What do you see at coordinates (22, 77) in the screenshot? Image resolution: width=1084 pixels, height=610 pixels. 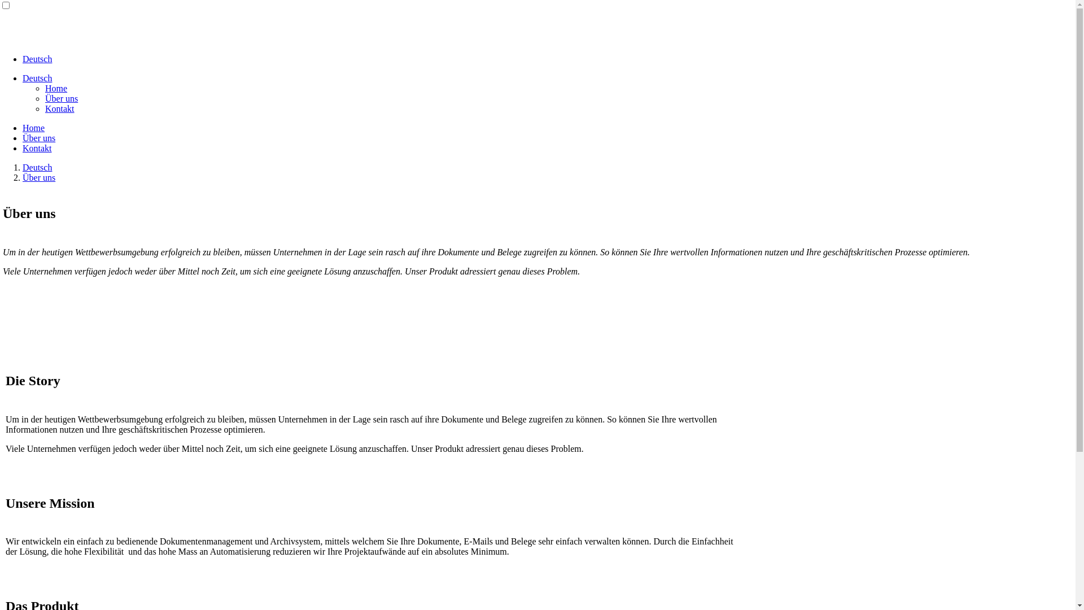 I see `'Deutsch'` at bounding box center [22, 77].